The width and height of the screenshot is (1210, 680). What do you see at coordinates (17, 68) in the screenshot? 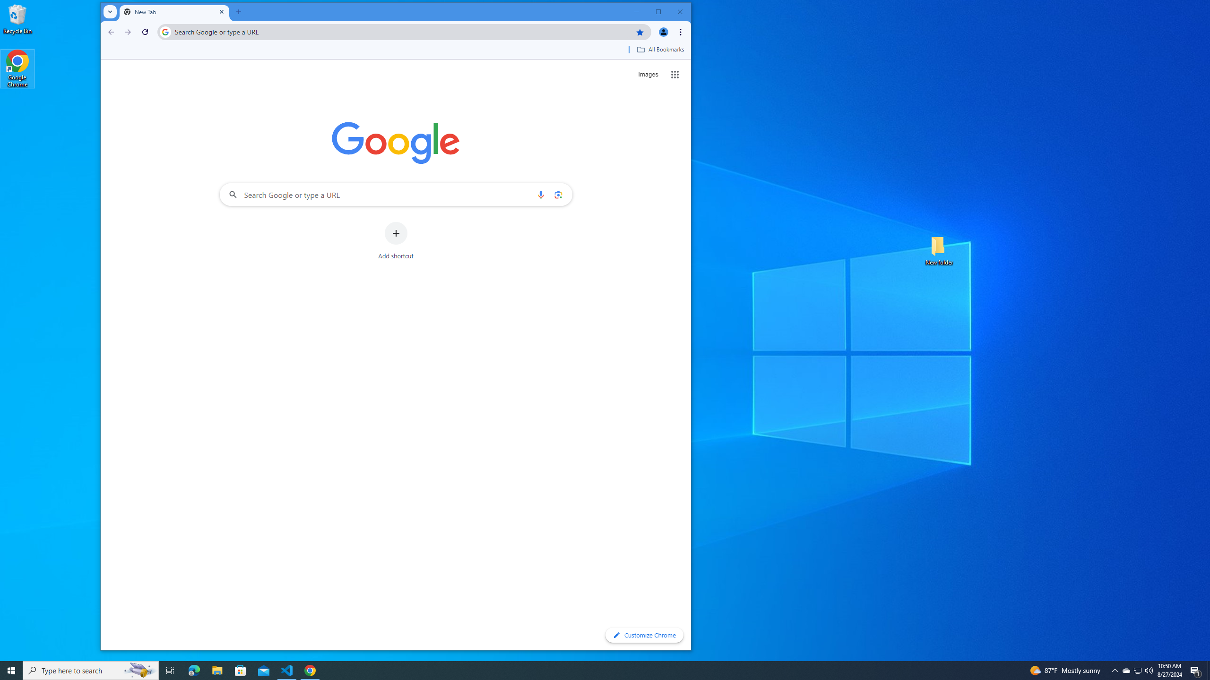
I see `'Google Chrome'` at bounding box center [17, 68].